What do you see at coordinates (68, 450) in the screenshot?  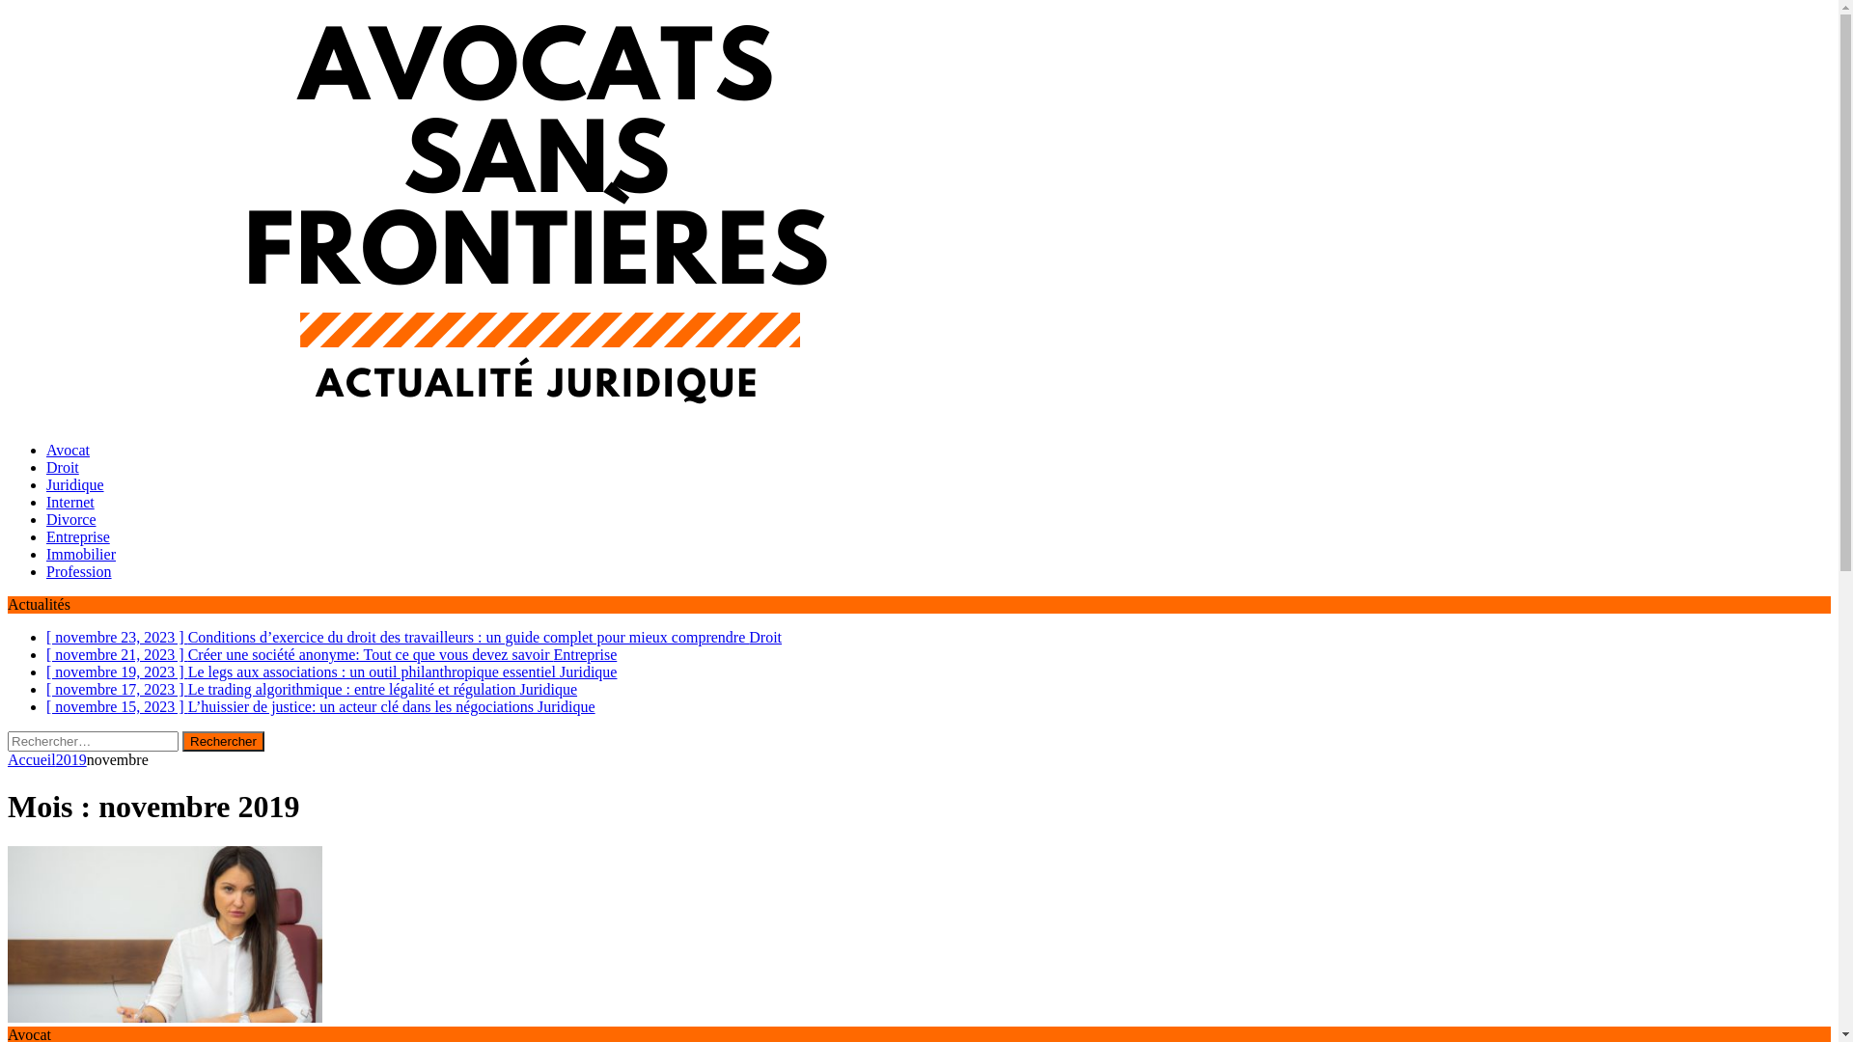 I see `'Avocat'` at bounding box center [68, 450].